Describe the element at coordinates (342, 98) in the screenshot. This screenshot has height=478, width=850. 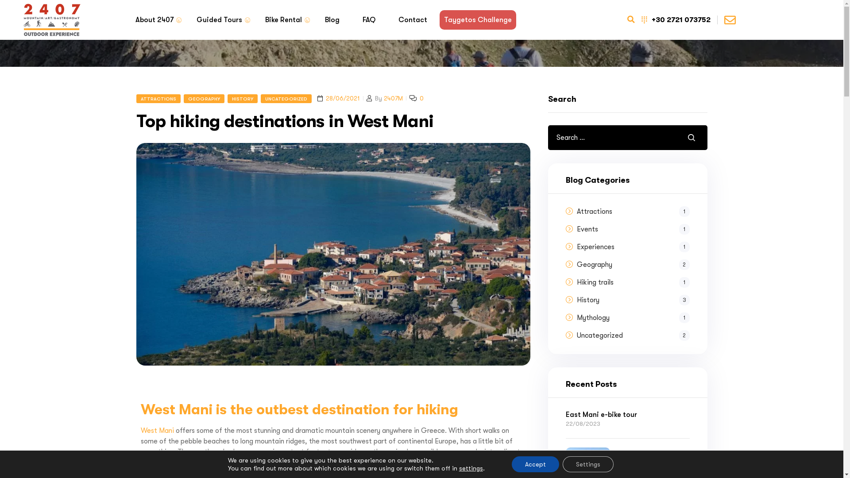
I see `'28/06/2021'` at that location.